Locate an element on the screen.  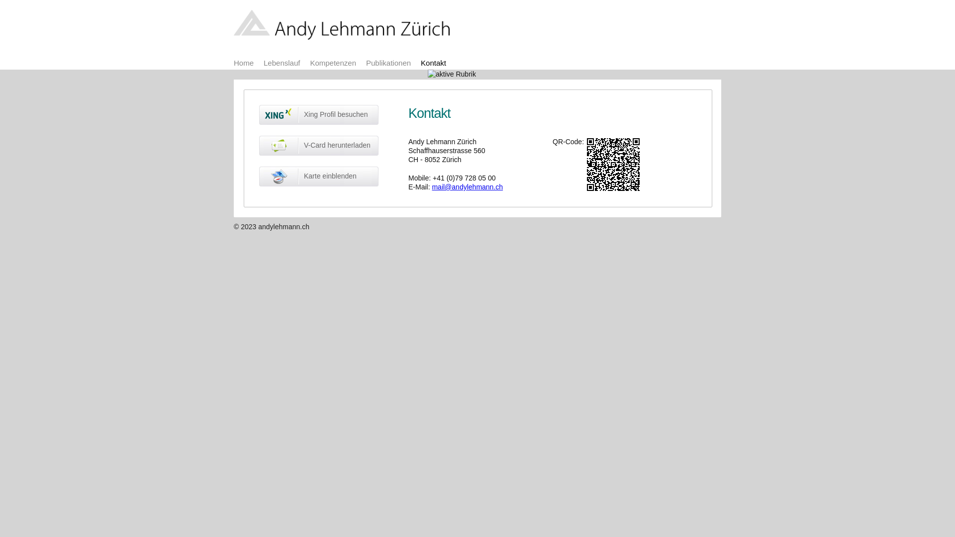
'aktive Rubrik' is located at coordinates (451, 74).